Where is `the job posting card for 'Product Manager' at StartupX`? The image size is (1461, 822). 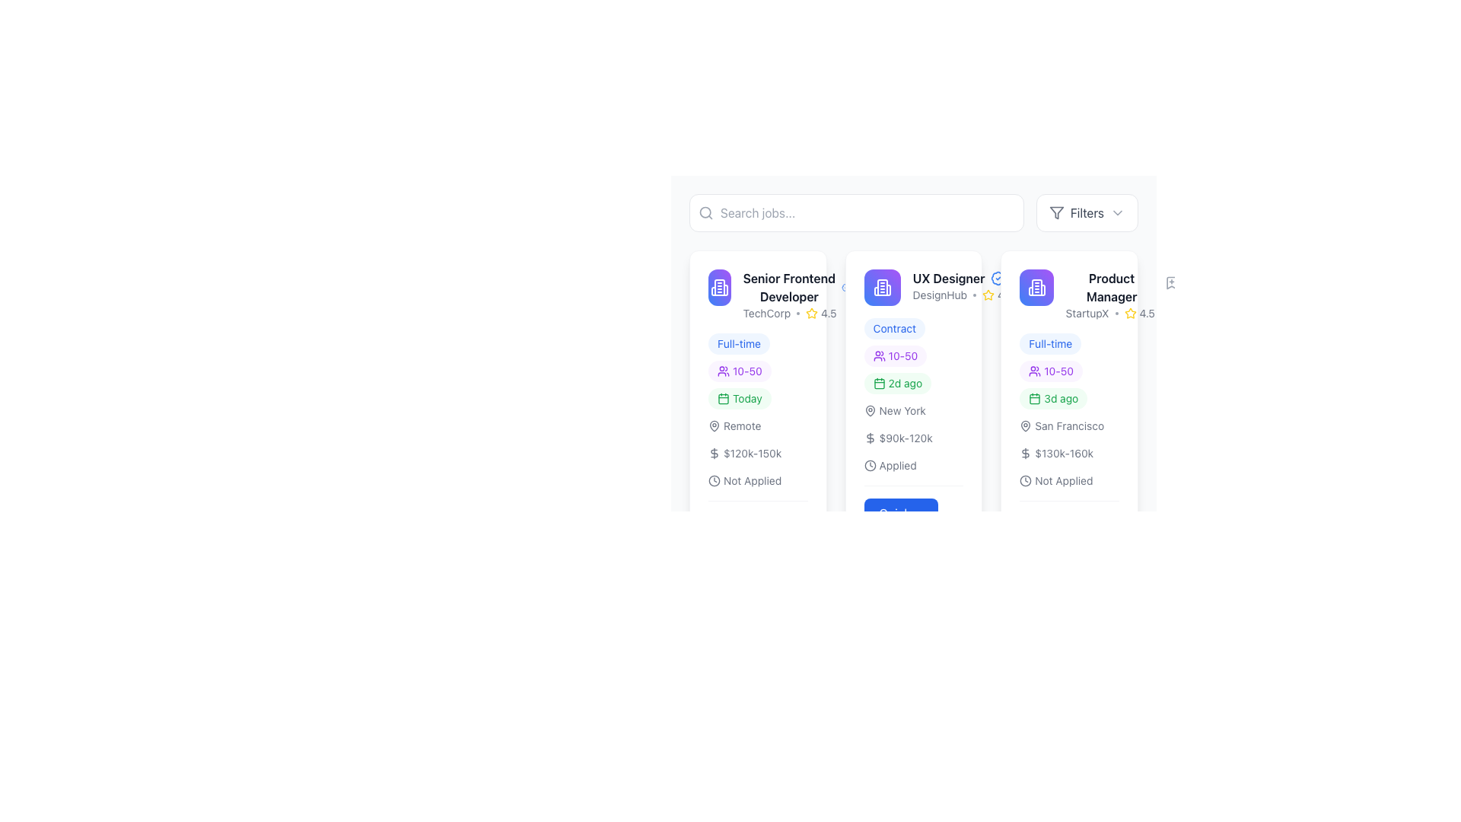
the job posting card for 'Product Manager' at StartupX is located at coordinates (1068, 416).